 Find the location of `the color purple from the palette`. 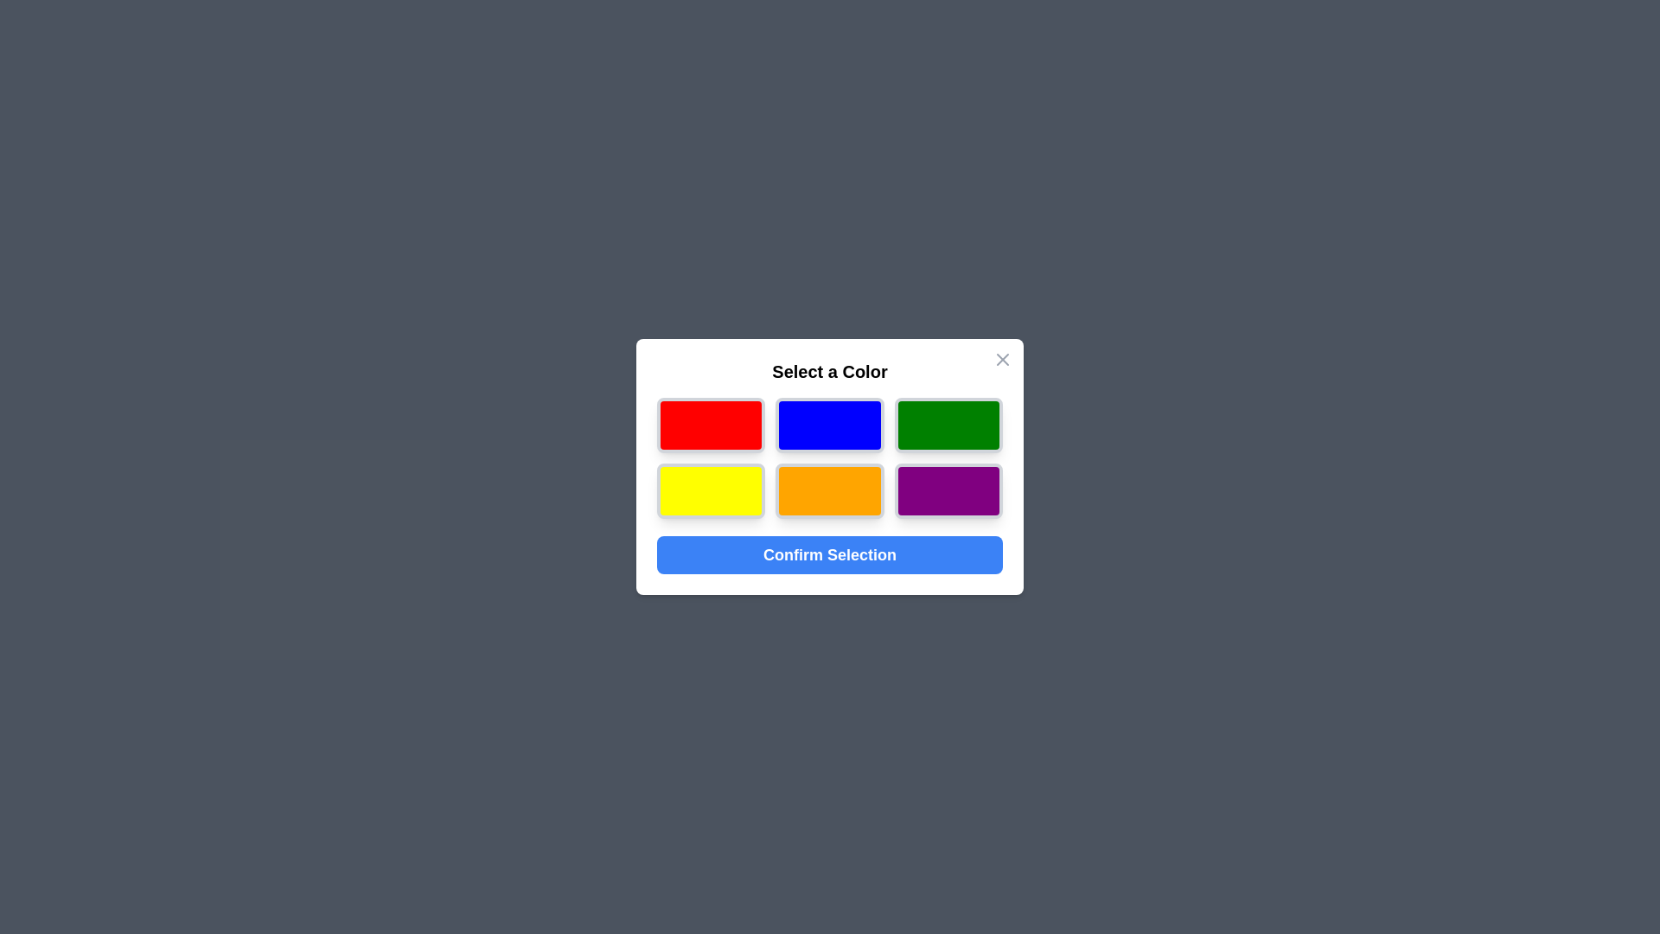

the color purple from the palette is located at coordinates (948, 490).